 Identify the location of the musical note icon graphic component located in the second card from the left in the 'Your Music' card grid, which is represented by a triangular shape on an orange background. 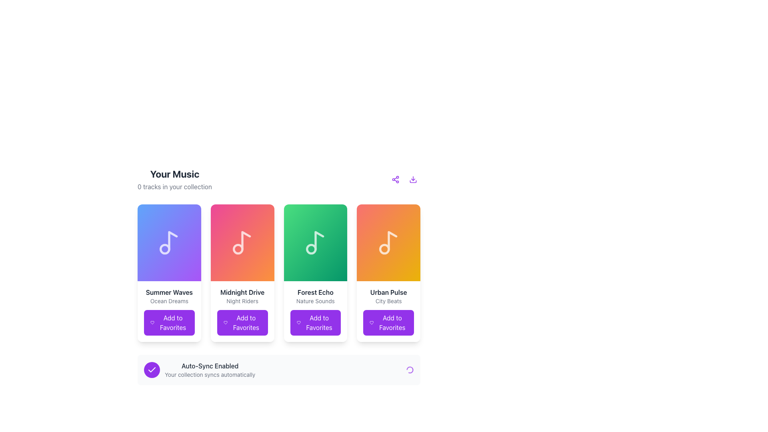
(246, 240).